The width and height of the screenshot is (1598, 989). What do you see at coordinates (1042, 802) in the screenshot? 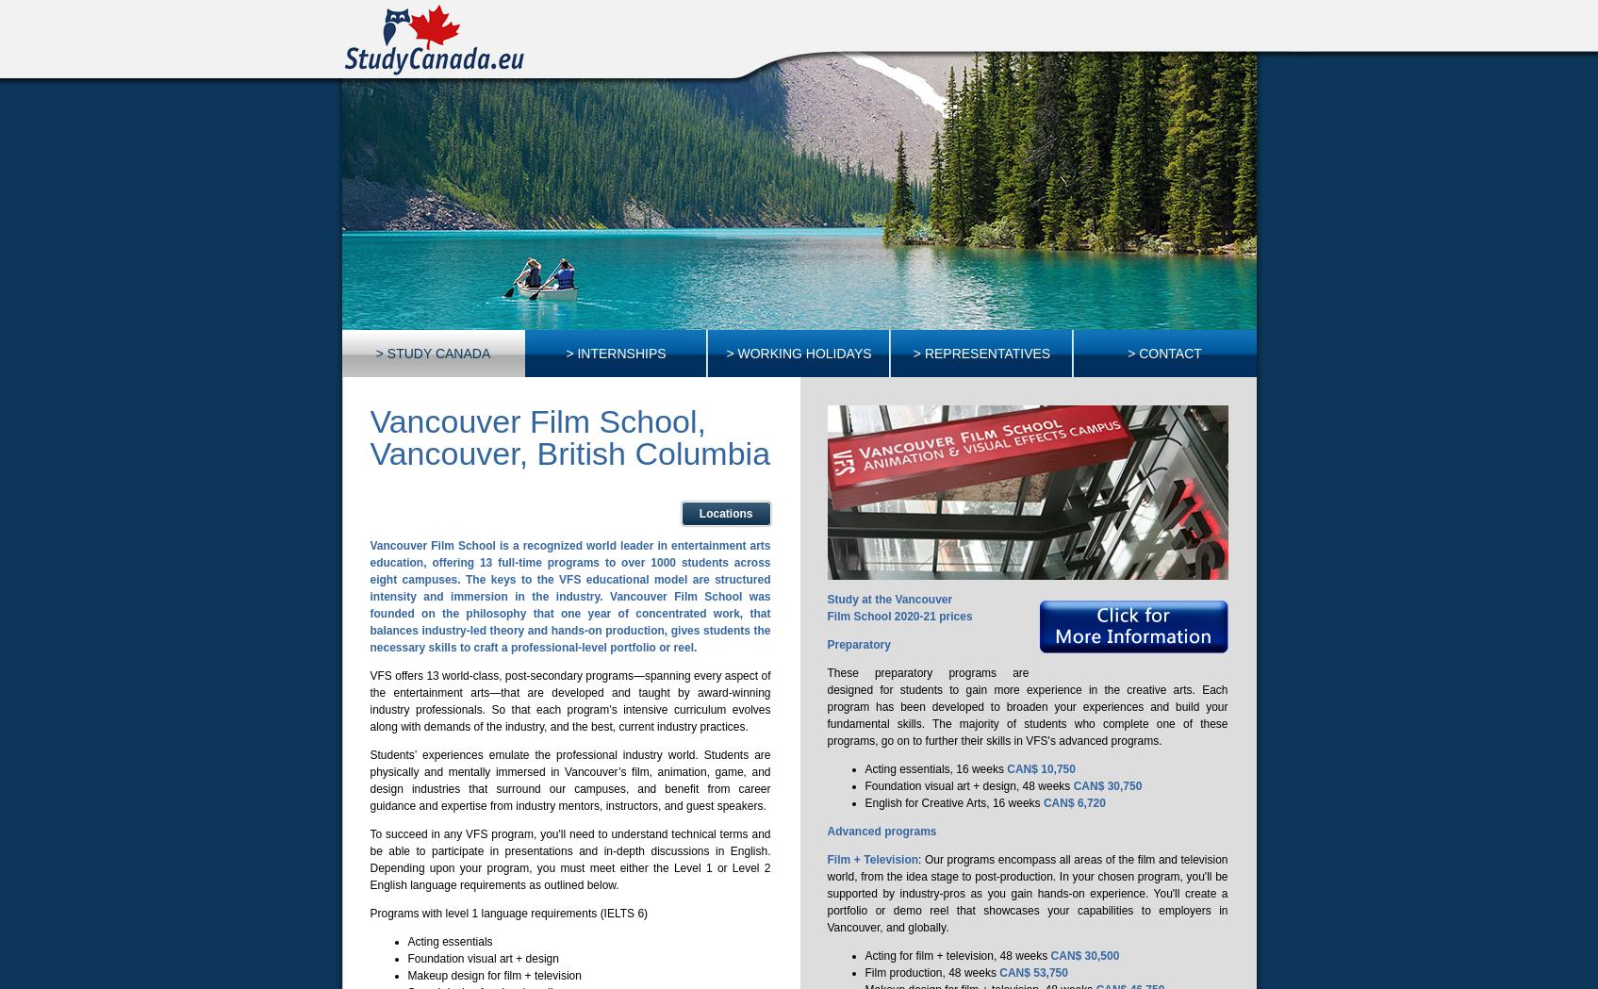
I see `'CAN$ 6,720'` at bounding box center [1042, 802].